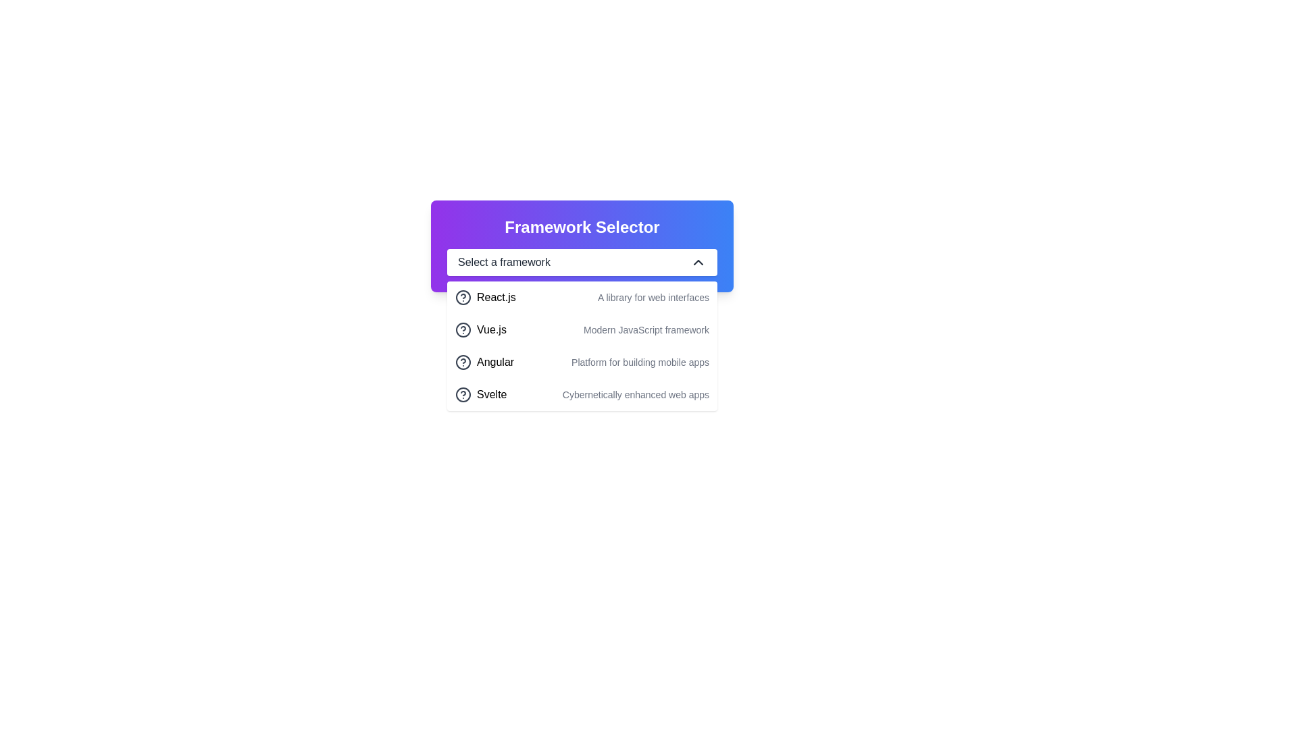 The image size is (1297, 729). Describe the element at coordinates (582, 330) in the screenshot. I see `the second item in the dropdown list` at that location.